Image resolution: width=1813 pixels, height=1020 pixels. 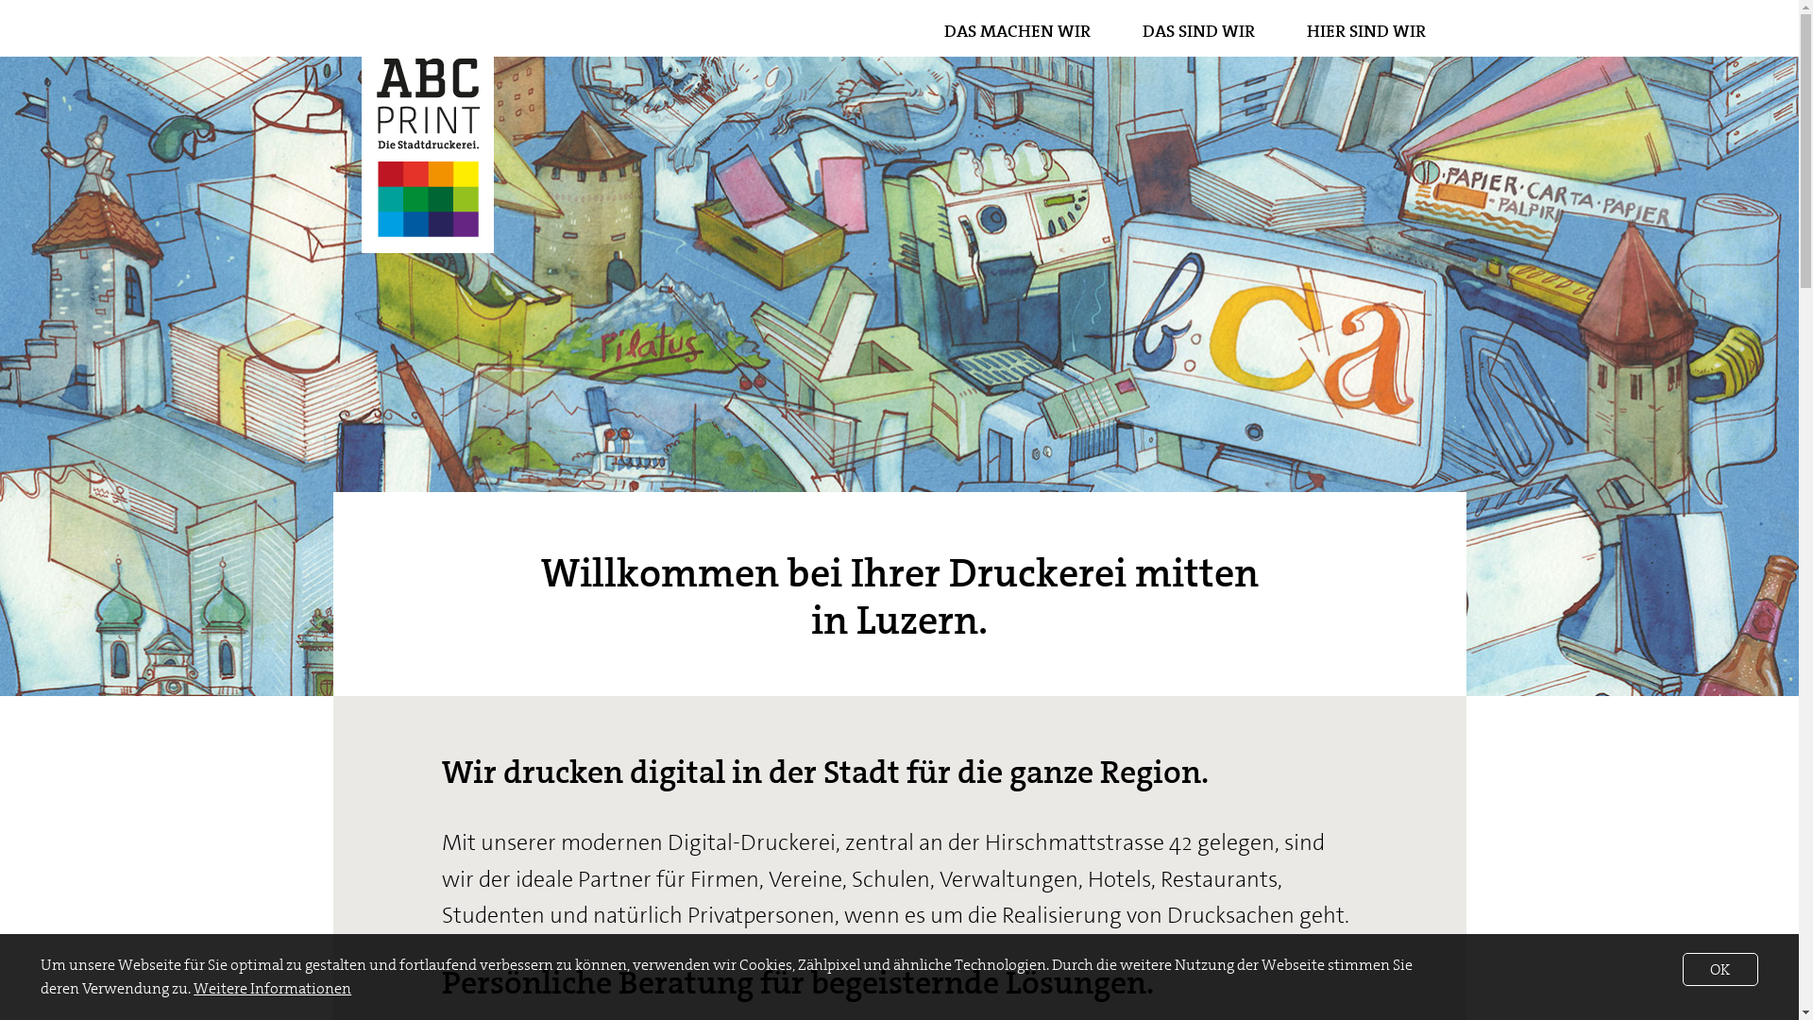 What do you see at coordinates (1365, 31) in the screenshot?
I see `'HIER SIND WIR'` at bounding box center [1365, 31].